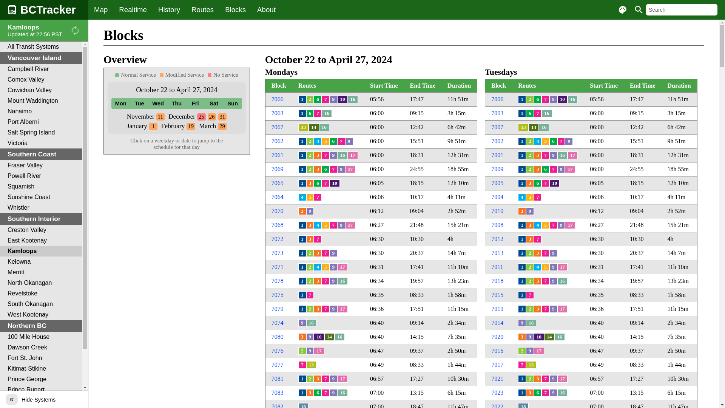 Image resolution: width=725 pixels, height=408 pixels. What do you see at coordinates (333, 225) in the screenshot?
I see `'7'` at bounding box center [333, 225].